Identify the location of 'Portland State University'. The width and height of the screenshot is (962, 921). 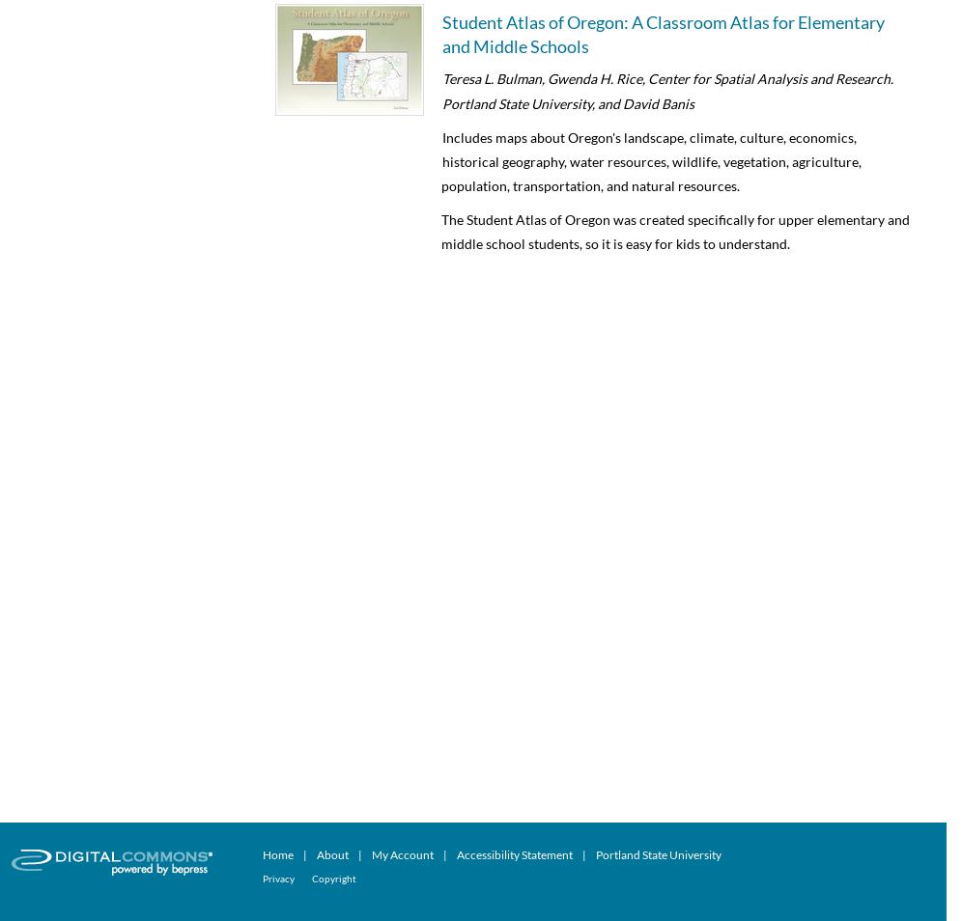
(658, 853).